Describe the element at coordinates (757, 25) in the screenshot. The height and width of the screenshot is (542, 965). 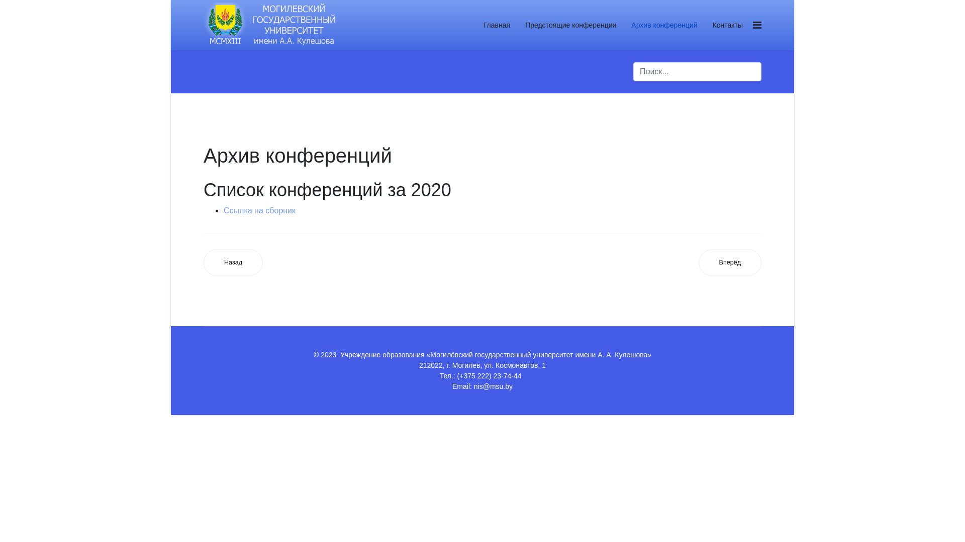
I see `'Navigation'` at that location.